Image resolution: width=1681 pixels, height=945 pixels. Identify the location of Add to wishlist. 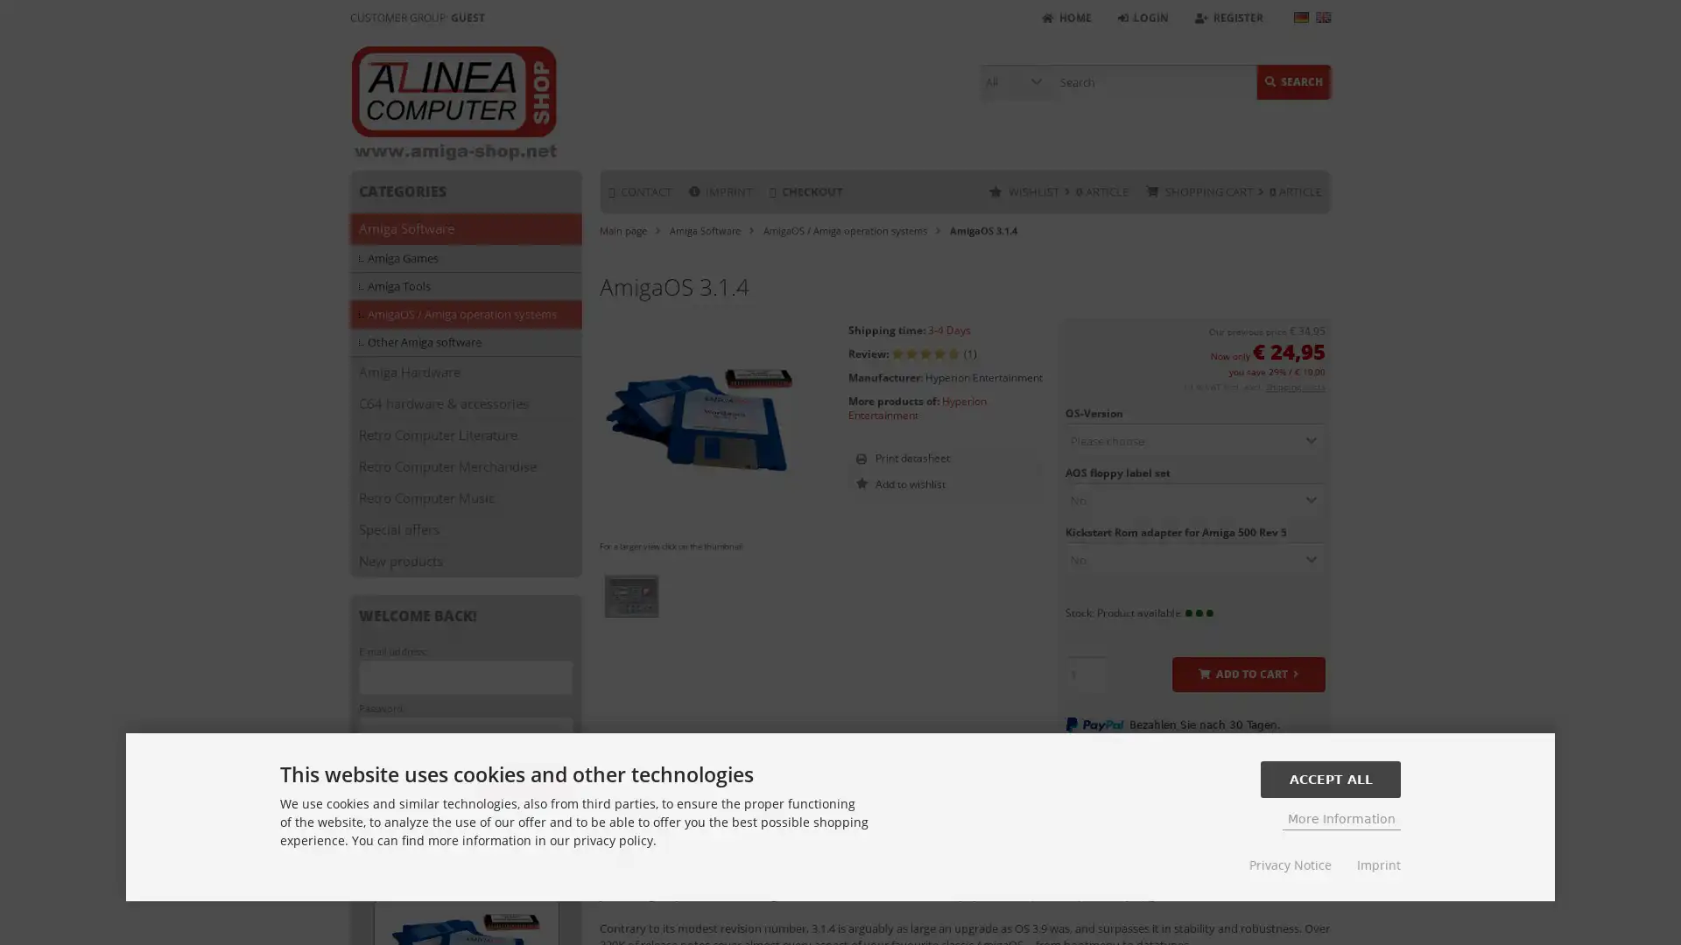
(969, 484).